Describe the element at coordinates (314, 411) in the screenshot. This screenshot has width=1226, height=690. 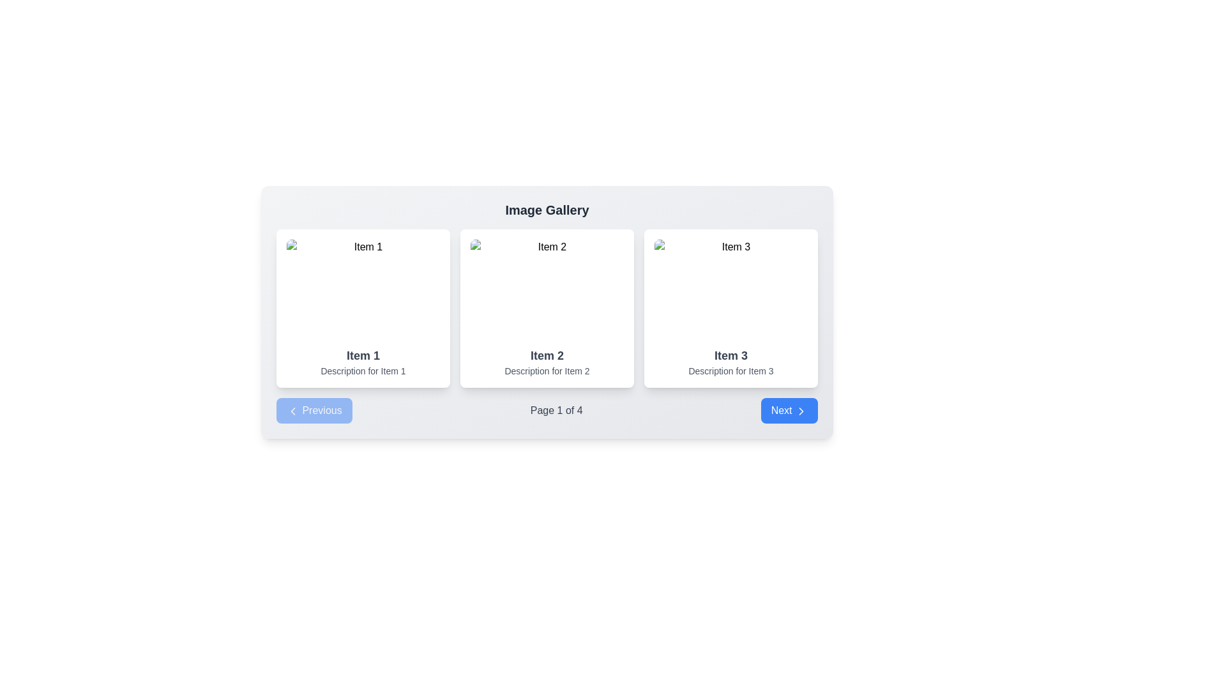
I see `disabled 'Previous Page' button located at the leftmost position in the navigation bar for accessibility hints` at that location.